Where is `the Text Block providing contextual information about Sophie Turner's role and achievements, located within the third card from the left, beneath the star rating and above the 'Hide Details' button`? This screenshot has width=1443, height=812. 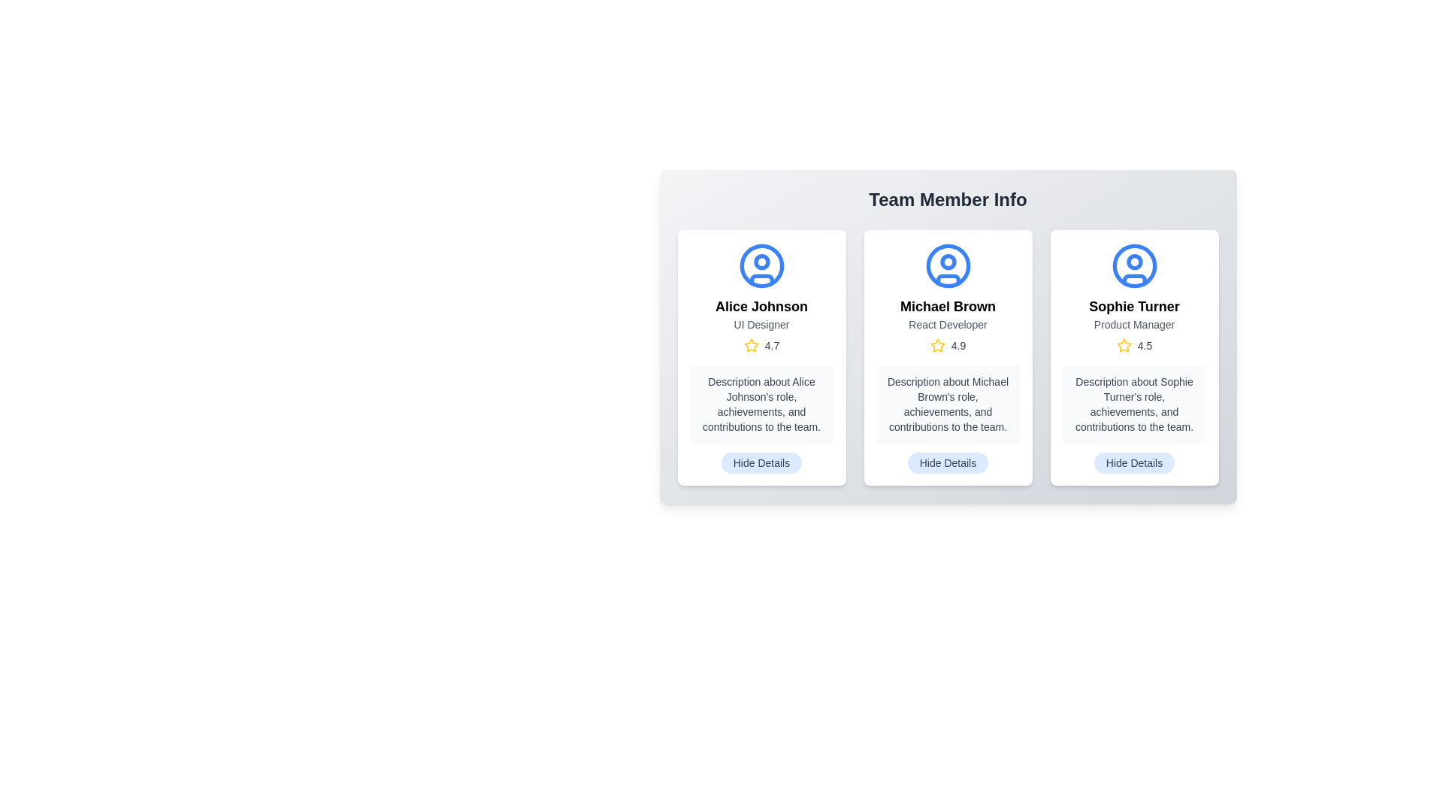
the Text Block providing contextual information about Sophie Turner's role and achievements, located within the third card from the left, beneath the star rating and above the 'Hide Details' button is located at coordinates (1134, 403).